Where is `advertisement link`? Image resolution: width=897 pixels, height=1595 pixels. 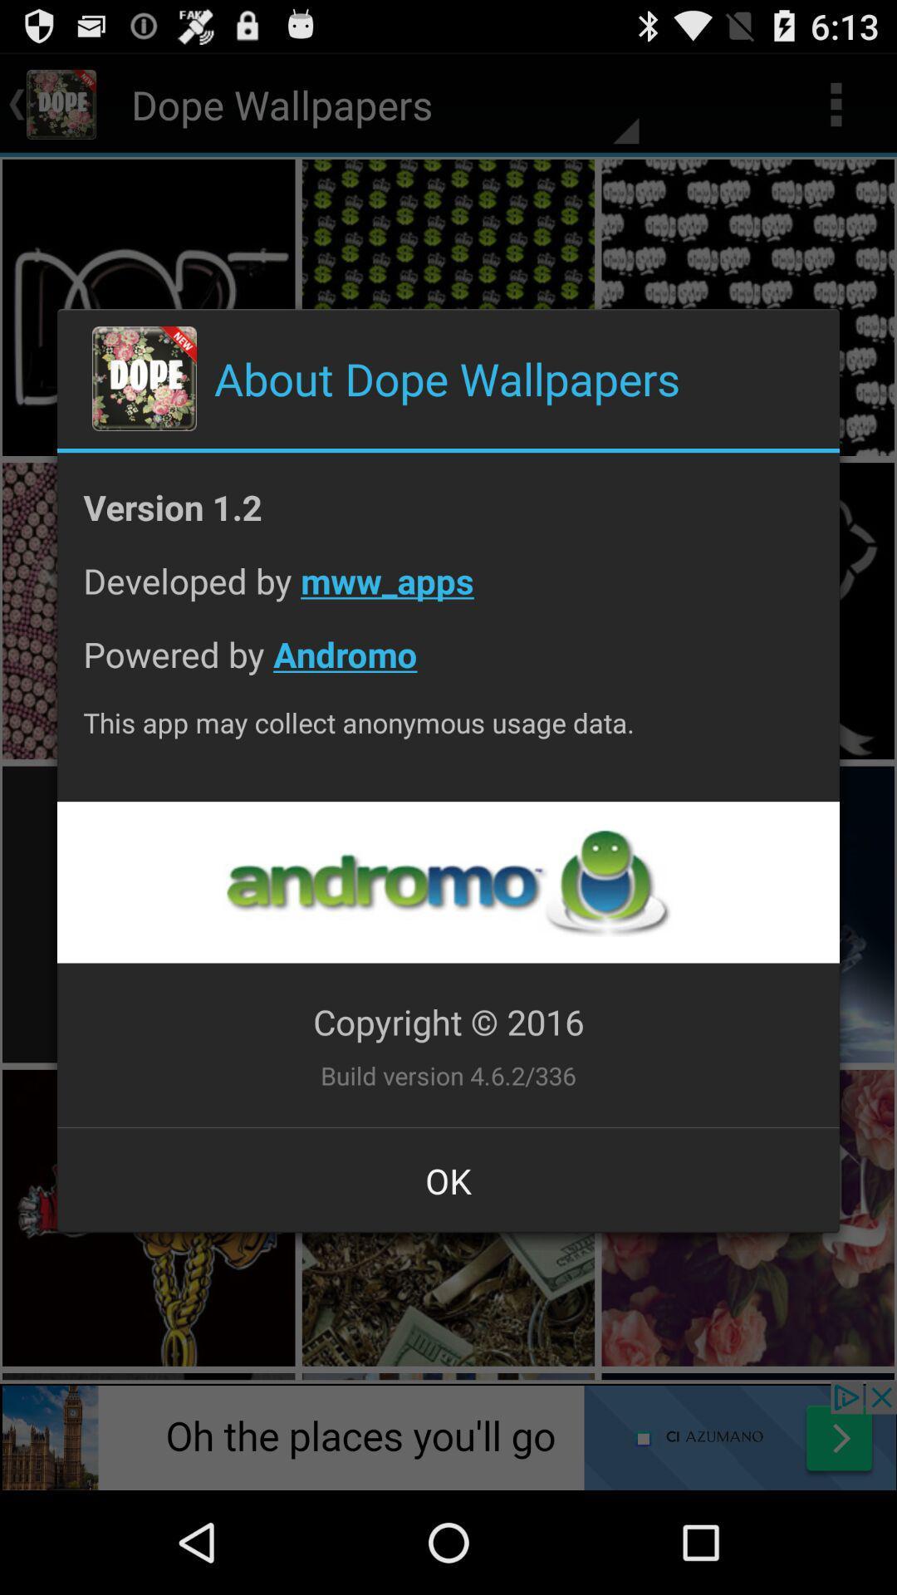
advertisement link is located at coordinates (447, 881).